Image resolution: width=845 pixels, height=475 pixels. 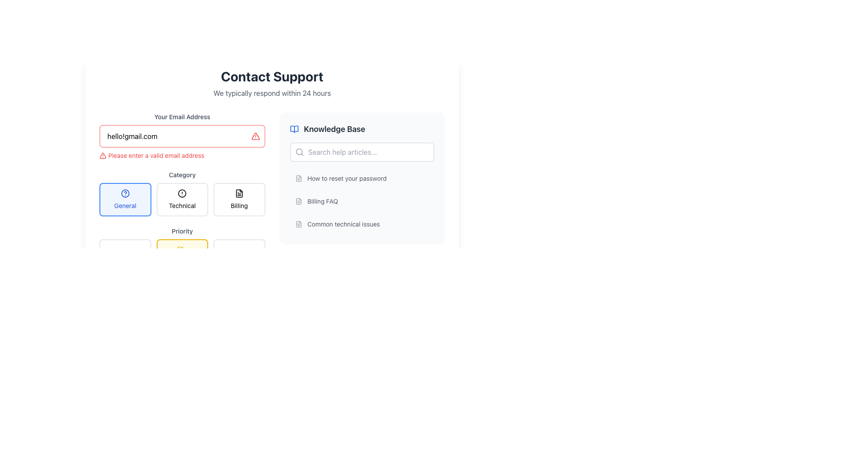 I want to click on the 'Text link' located in the 'Knowledge Base' section on the right-hand side, which serves as a navigation item, so click(x=346, y=178).